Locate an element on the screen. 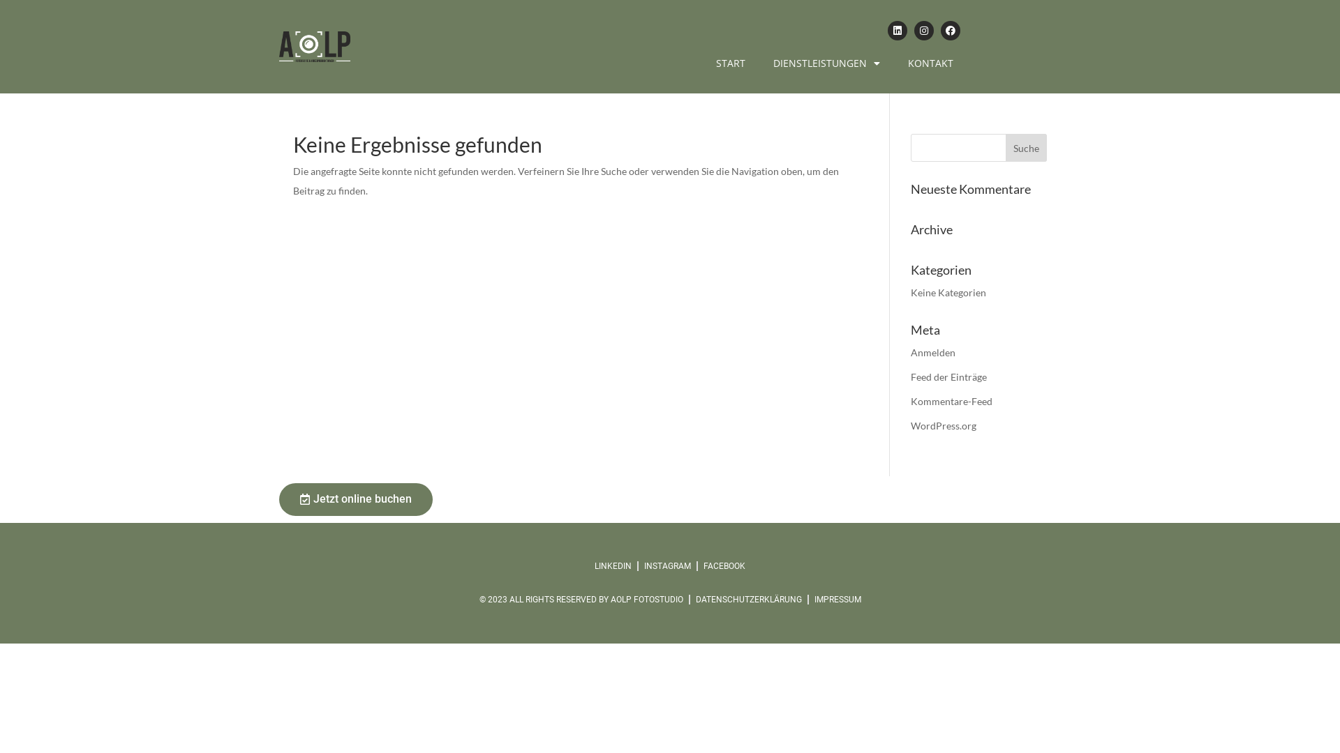  'IMPRESSUM' is located at coordinates (814, 599).